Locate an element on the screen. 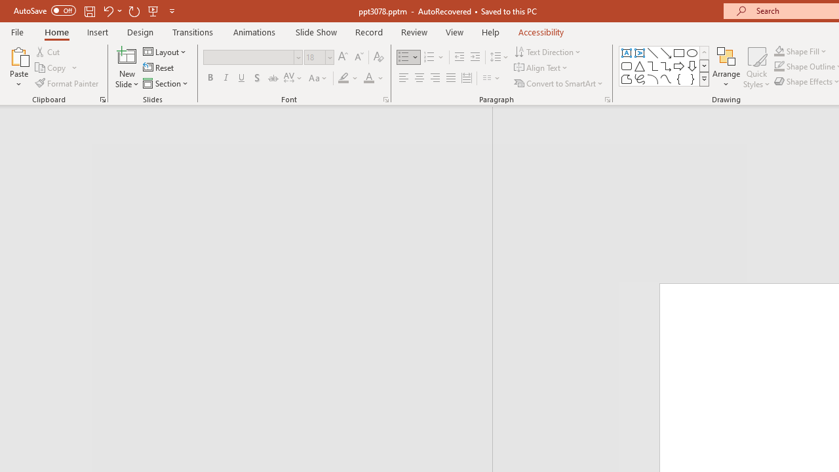 This screenshot has height=472, width=839. 'Character Spacing' is located at coordinates (293, 78).